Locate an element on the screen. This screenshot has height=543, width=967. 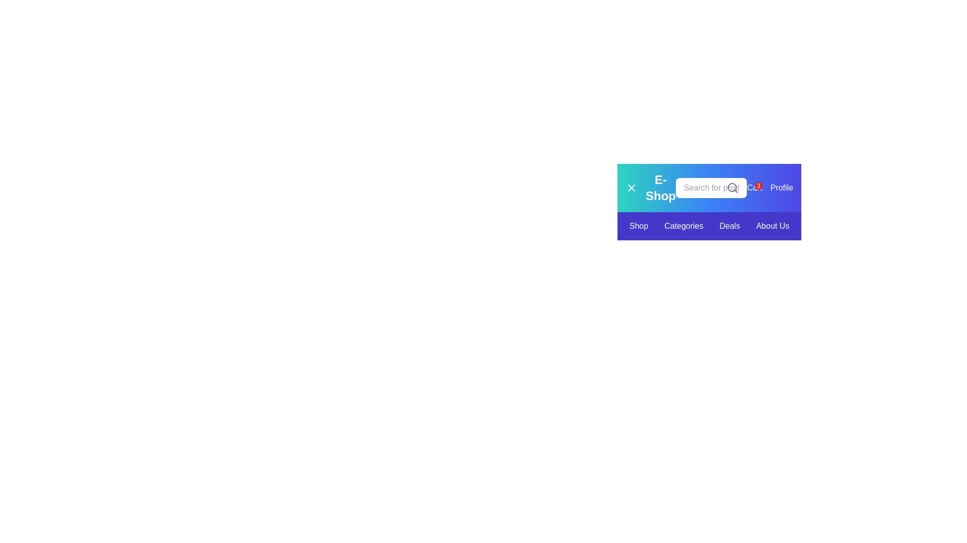
the 'About Us' hyperlink, which is the fourth item in the navigation bar styled with white text on a blue background is located at coordinates (772, 226).